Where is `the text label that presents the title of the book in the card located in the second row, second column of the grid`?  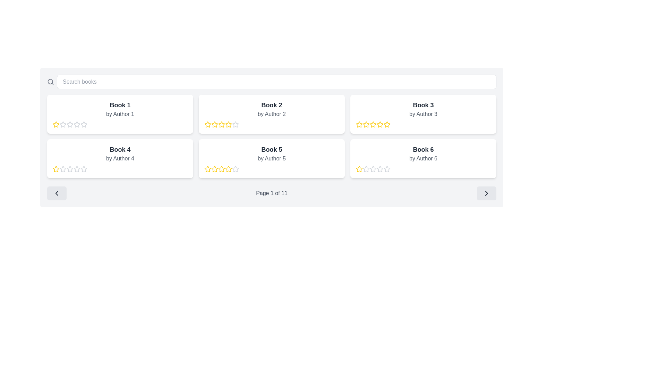
the text label that presents the title of the book in the card located in the second row, second column of the grid is located at coordinates (423, 105).